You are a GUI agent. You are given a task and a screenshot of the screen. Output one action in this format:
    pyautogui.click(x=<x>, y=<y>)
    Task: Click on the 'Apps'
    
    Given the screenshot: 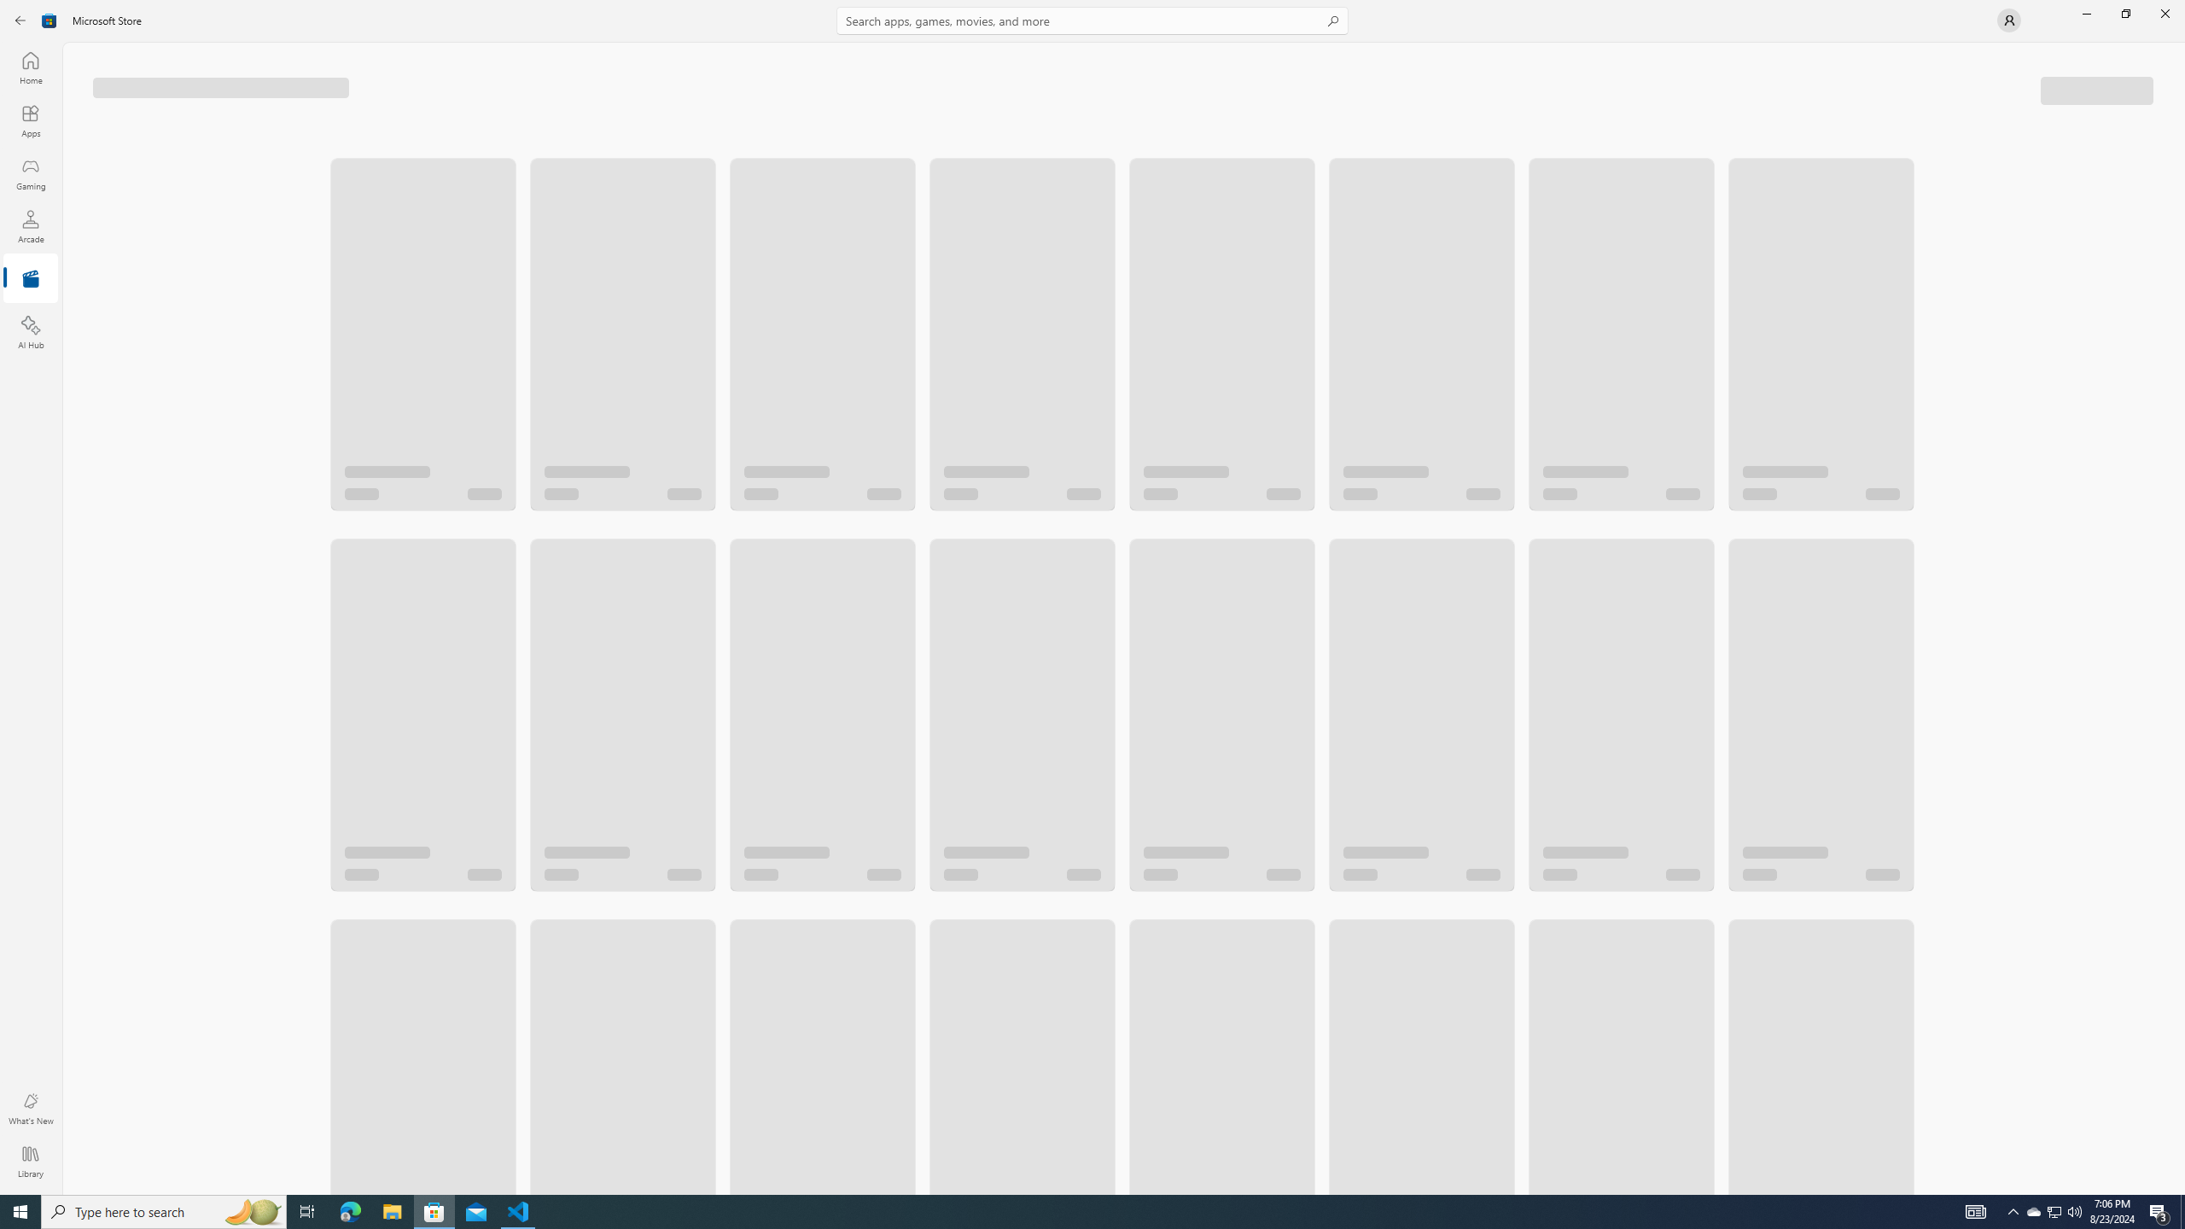 What is the action you would take?
    pyautogui.click(x=29, y=120)
    